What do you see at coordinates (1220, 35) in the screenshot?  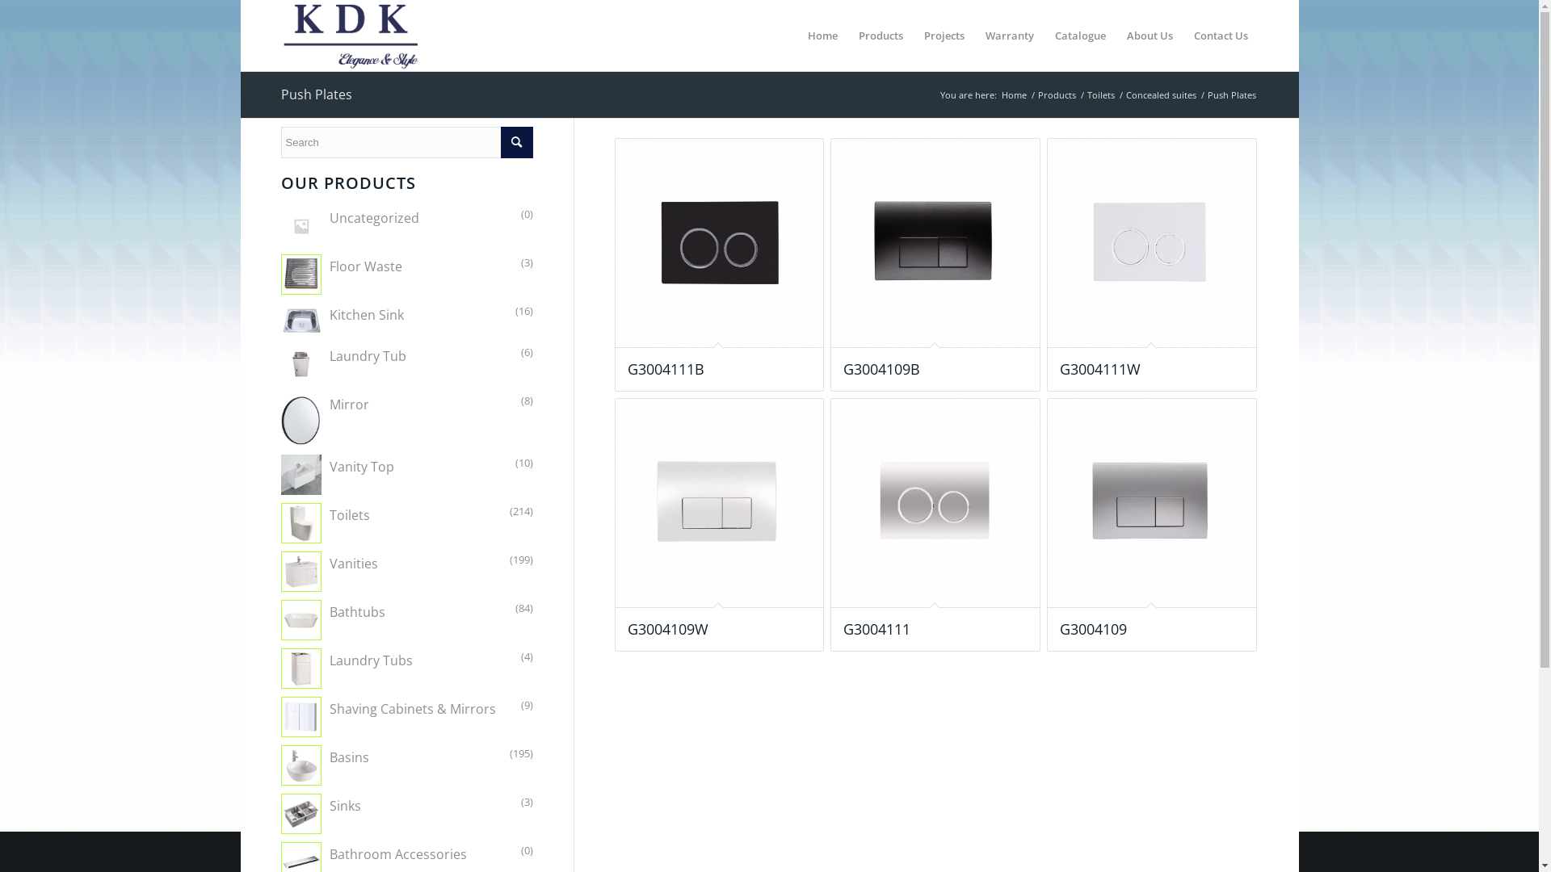 I see `'Contact Us'` at bounding box center [1220, 35].